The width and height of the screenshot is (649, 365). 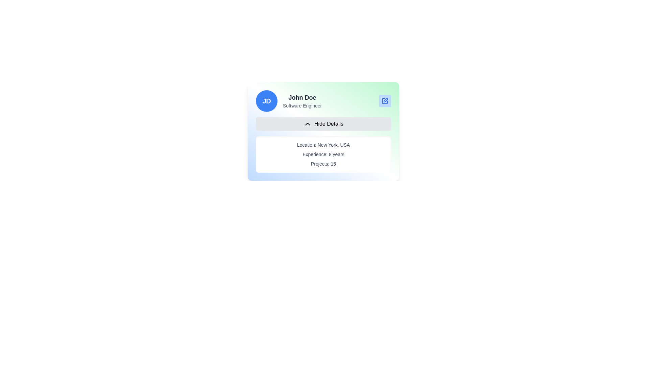 What do you see at coordinates (323, 154) in the screenshot?
I see `the static text element that displays the years of experience, located below 'Location: New York, USA' and above 'Projects: 15' in the user information card` at bounding box center [323, 154].